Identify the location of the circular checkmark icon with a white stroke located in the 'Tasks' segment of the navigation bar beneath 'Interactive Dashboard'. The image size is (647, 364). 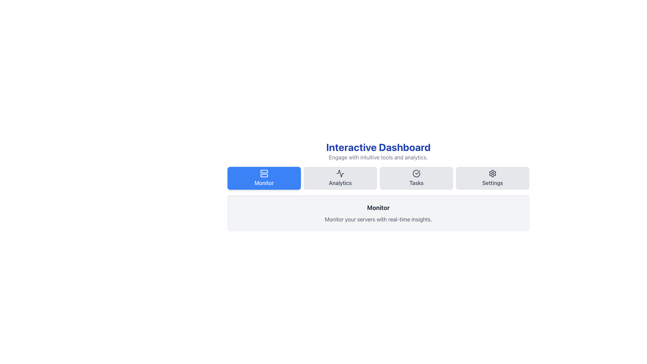
(416, 173).